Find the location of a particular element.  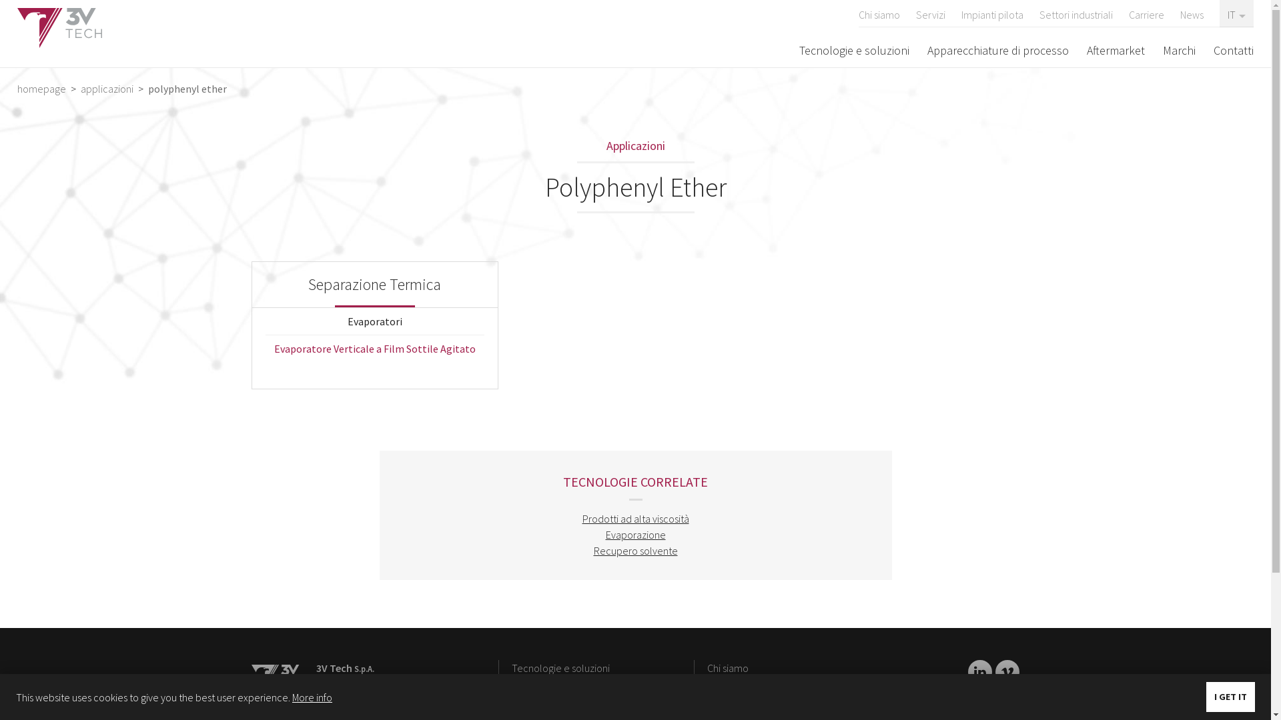

'More info' is located at coordinates (312, 696).